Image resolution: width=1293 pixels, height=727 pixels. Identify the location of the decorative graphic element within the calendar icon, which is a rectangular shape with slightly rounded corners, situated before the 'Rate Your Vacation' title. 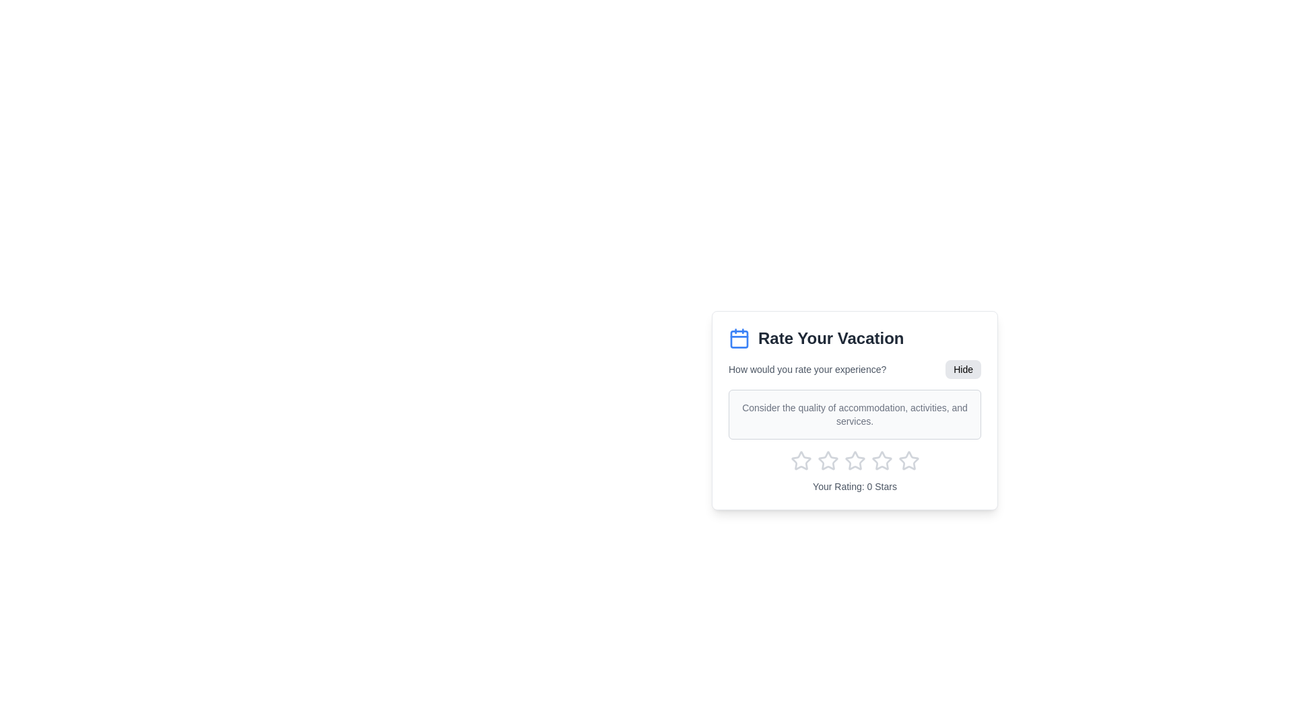
(739, 339).